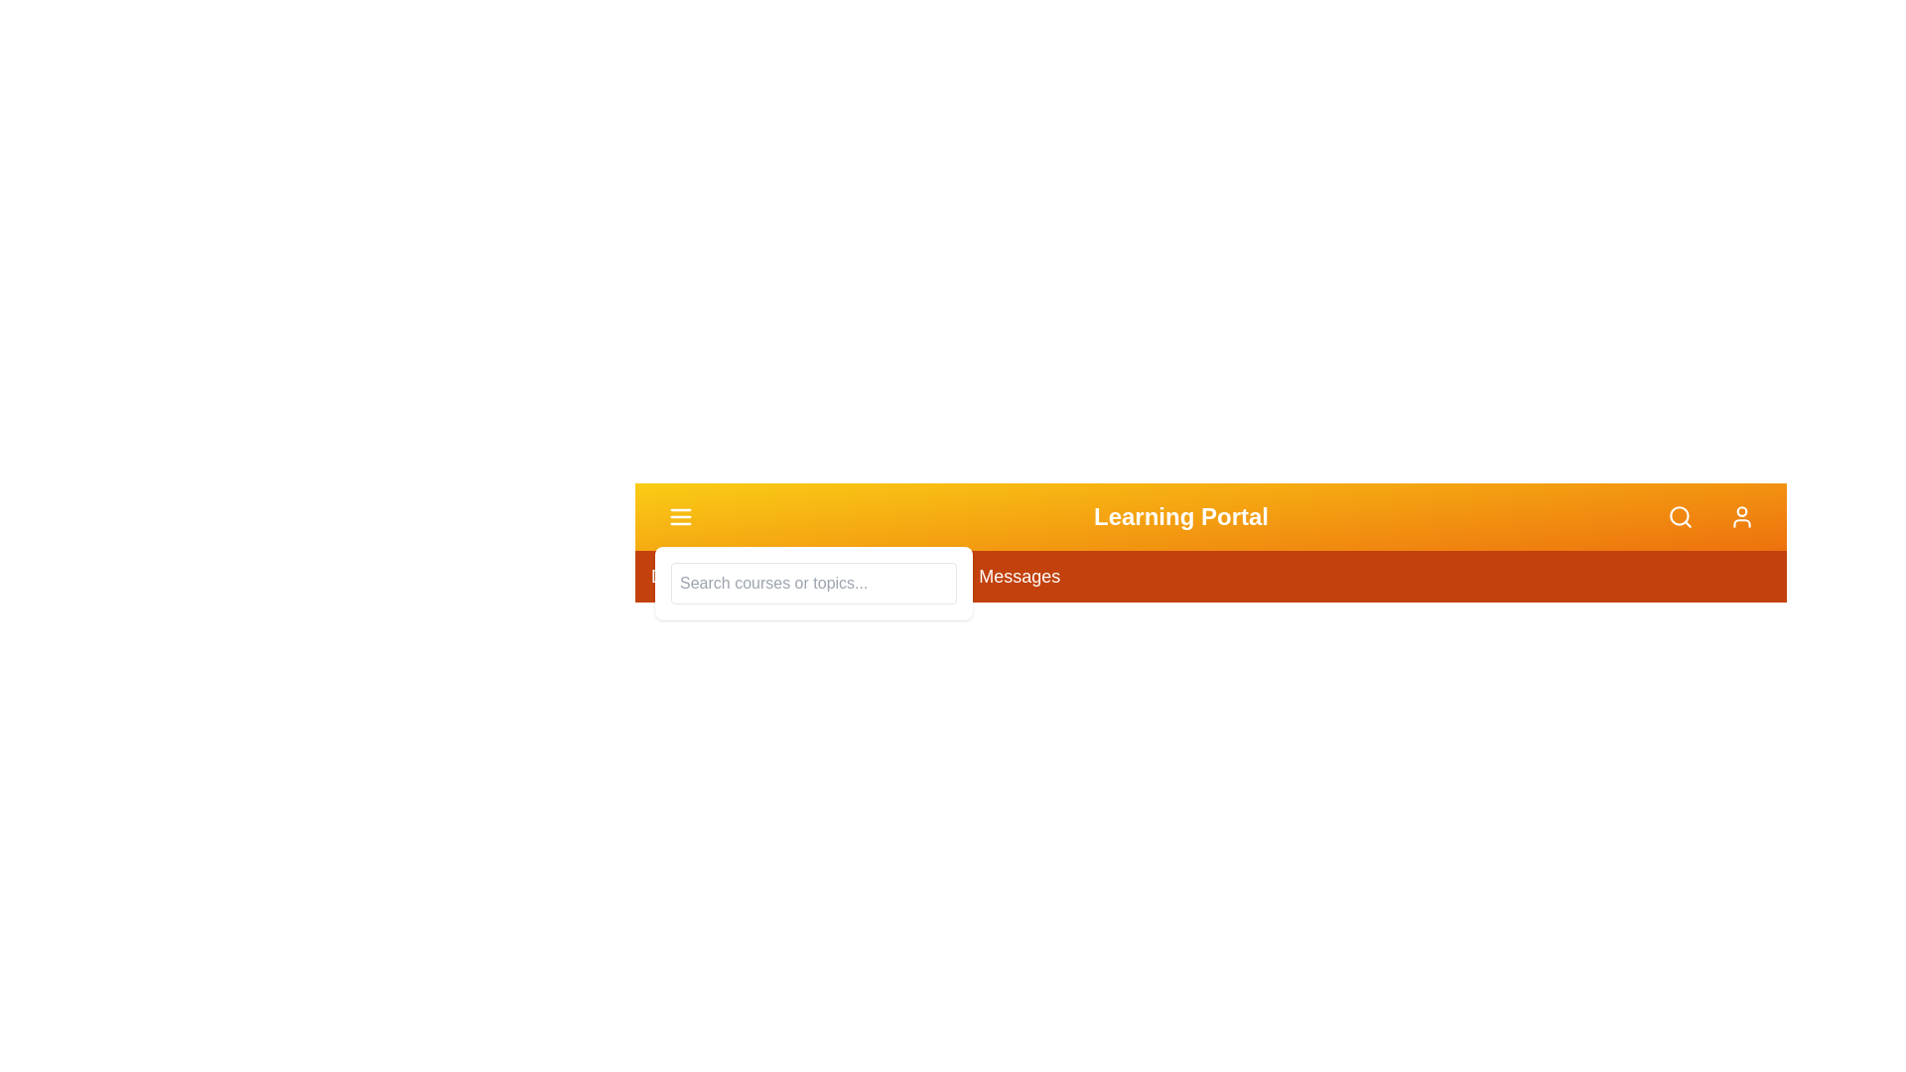 Image resolution: width=1906 pixels, height=1072 pixels. What do you see at coordinates (1680, 515) in the screenshot?
I see `the search button to activate the search panel` at bounding box center [1680, 515].